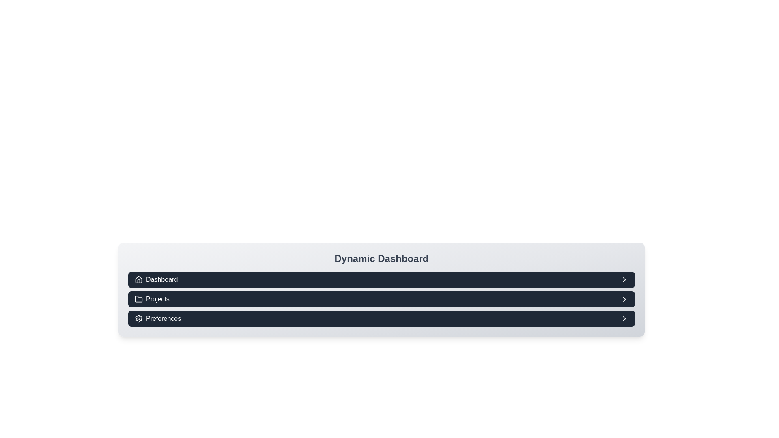 The width and height of the screenshot is (779, 438). I want to click on the 'Preferences' button, which is a gear icon followed by the text 'Preferences', located as the third item in a vertically arranged list with a dark background and light text, so click(158, 318).